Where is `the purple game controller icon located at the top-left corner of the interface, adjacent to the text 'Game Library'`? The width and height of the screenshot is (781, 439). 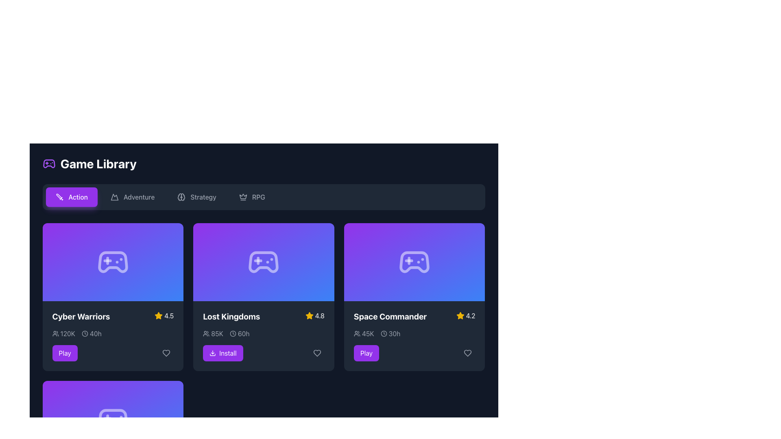 the purple game controller icon located at the top-left corner of the interface, adjacent to the text 'Game Library' is located at coordinates (48, 163).